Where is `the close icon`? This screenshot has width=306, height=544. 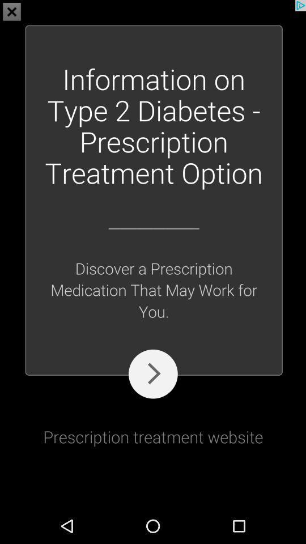
the close icon is located at coordinates (11, 11).